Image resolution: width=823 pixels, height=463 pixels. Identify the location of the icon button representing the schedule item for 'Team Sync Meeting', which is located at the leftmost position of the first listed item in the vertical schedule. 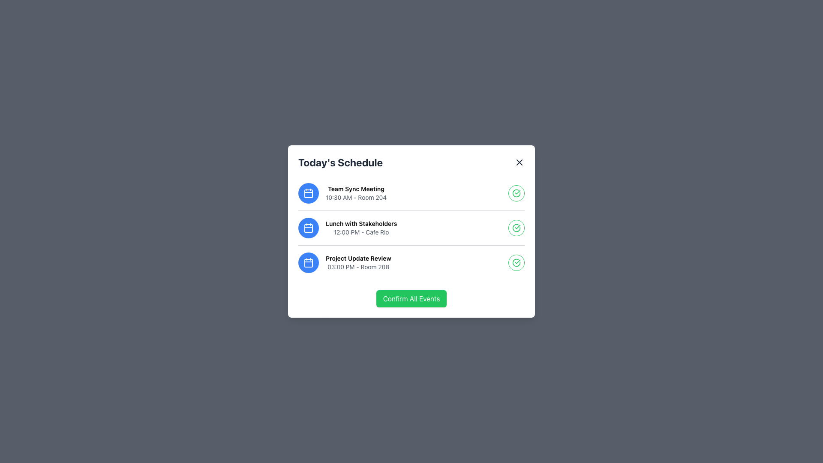
(309, 193).